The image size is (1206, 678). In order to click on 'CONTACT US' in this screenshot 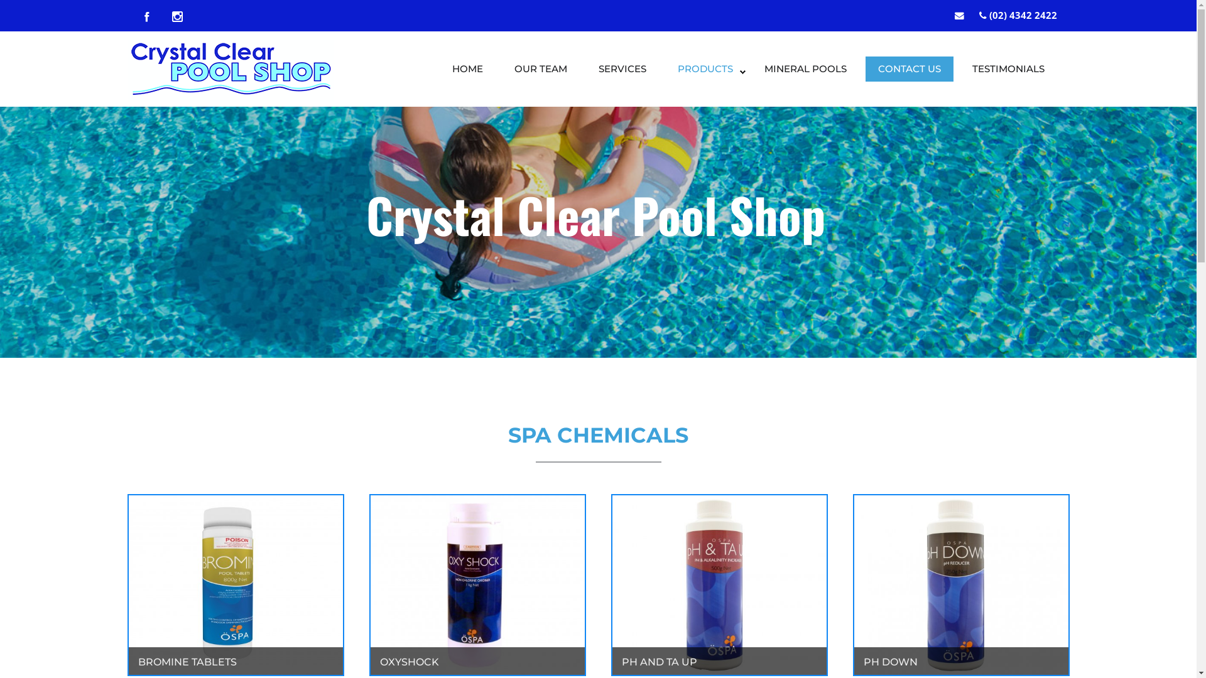, I will do `click(877, 68)`.